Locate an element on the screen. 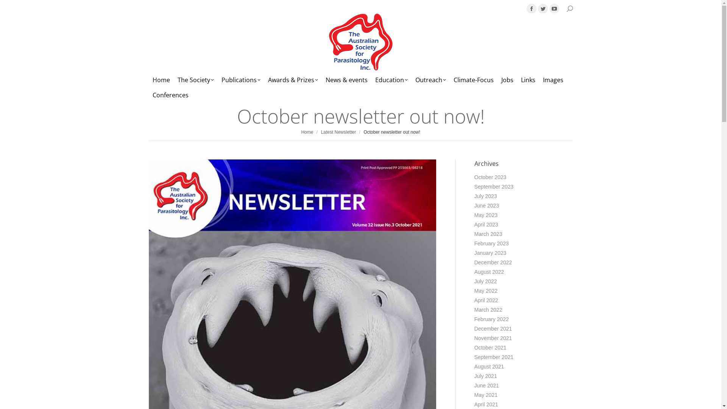 Image resolution: width=727 pixels, height=409 pixels. 'Twitter page opens in new window' is located at coordinates (542, 9).